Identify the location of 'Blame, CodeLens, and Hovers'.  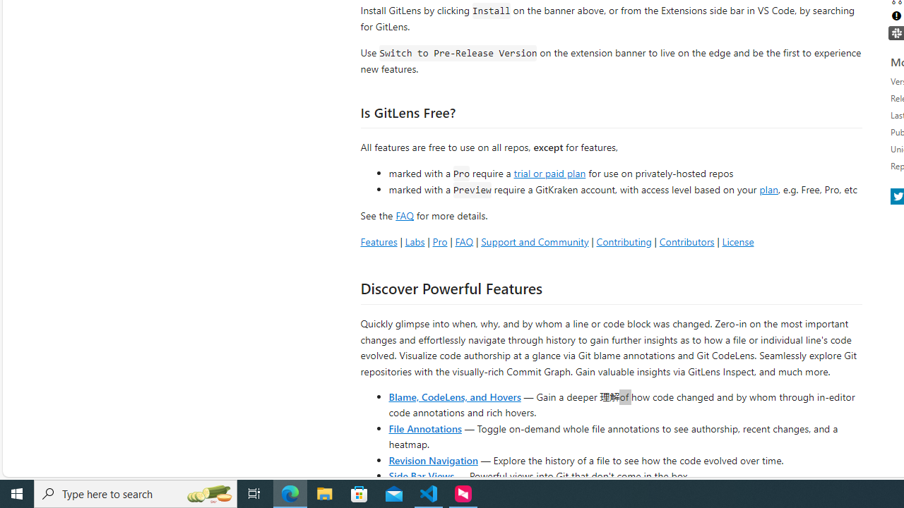
(455, 396).